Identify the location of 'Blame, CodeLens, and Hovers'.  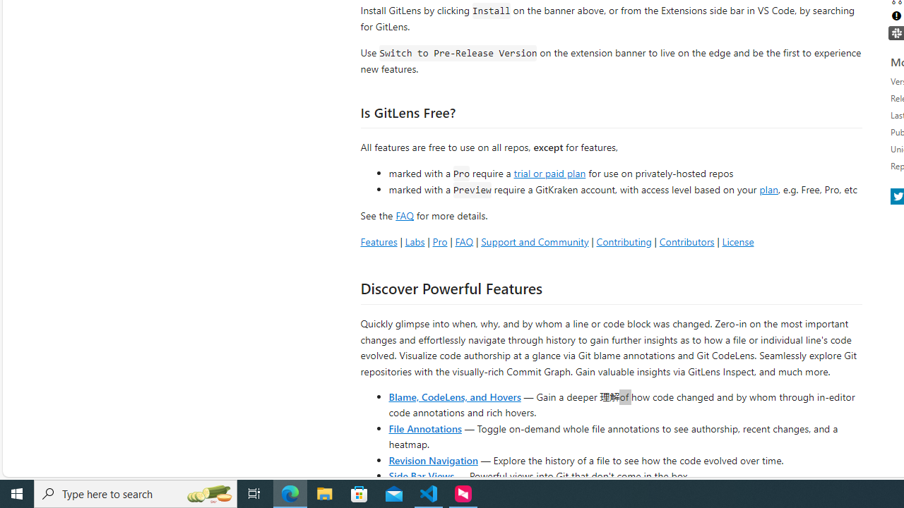
(455, 396).